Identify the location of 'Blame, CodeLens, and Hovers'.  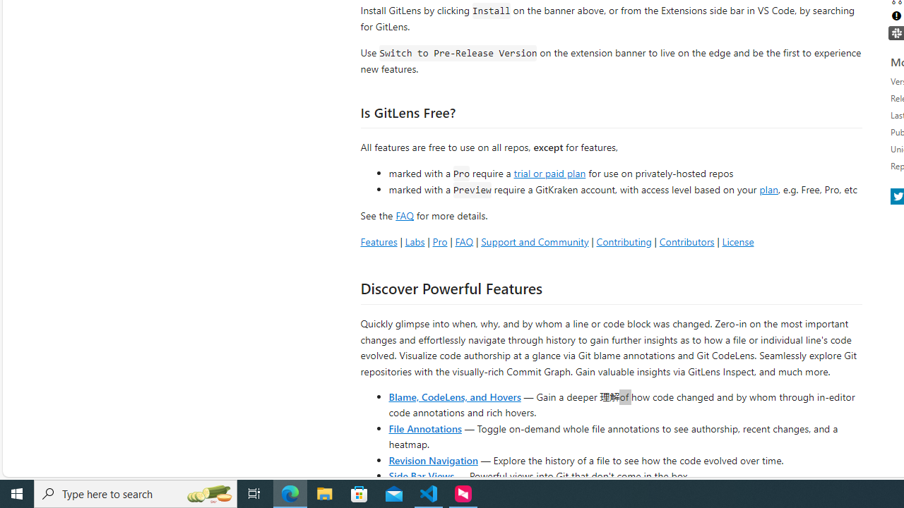
(455, 396).